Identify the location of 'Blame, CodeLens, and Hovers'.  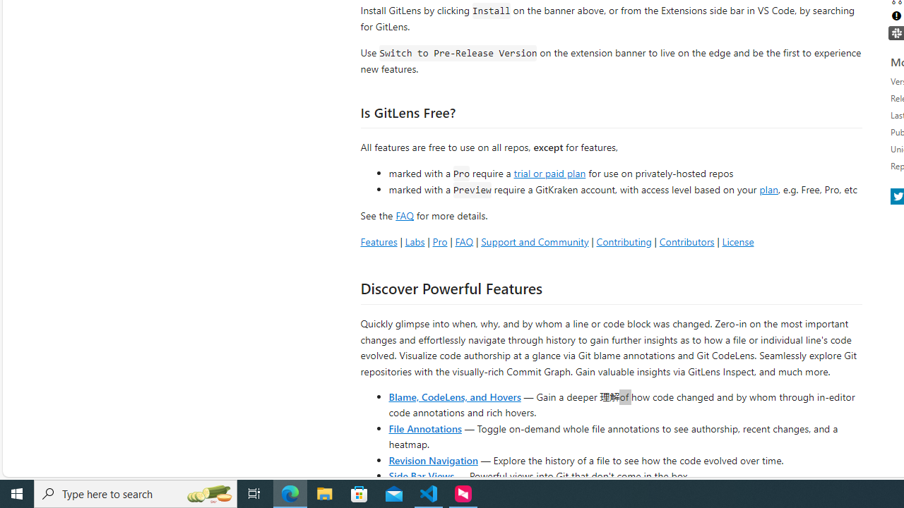
(455, 396).